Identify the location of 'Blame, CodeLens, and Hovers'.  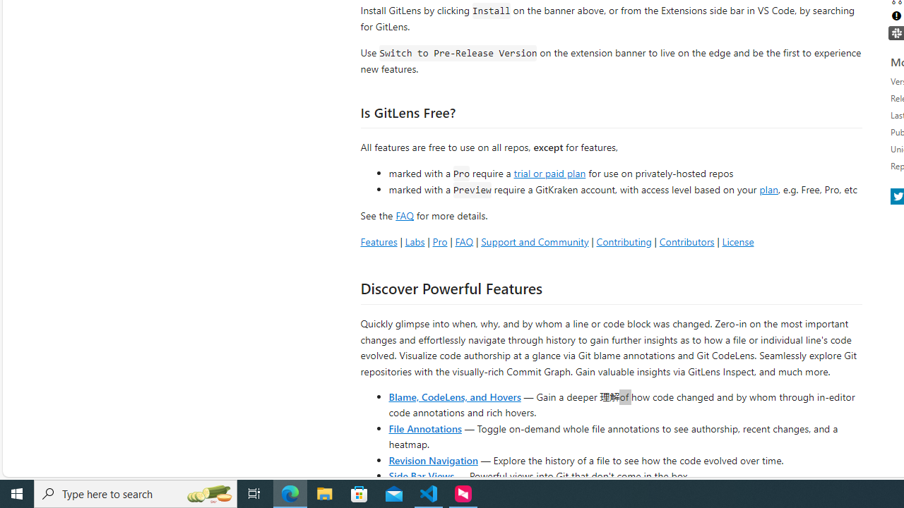
(455, 396).